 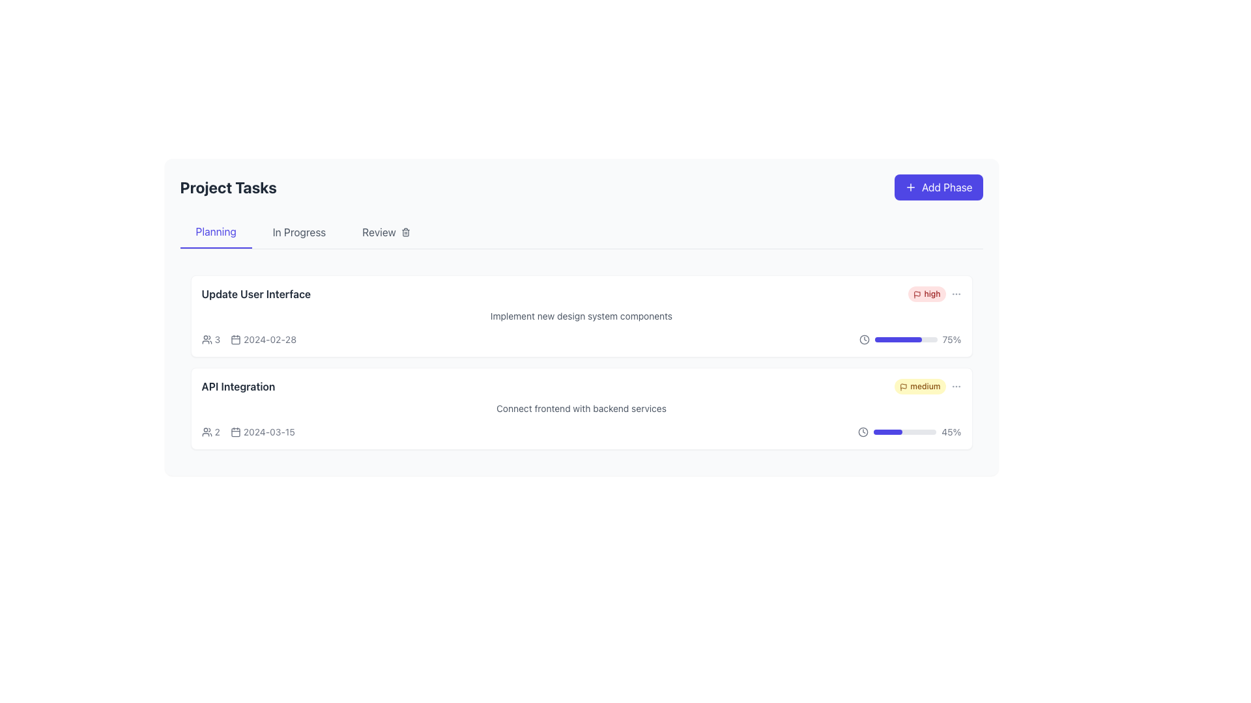 What do you see at coordinates (910, 187) in the screenshot?
I see `the 'Add Phase' button, which contains a white plus sign icon on a blue background, located at the top-right corner of the interface` at bounding box center [910, 187].